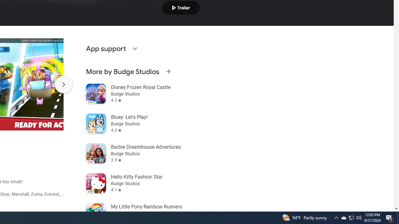 The width and height of the screenshot is (399, 224). Describe the element at coordinates (180, 7) in the screenshot. I see `'Play trailer'` at that location.